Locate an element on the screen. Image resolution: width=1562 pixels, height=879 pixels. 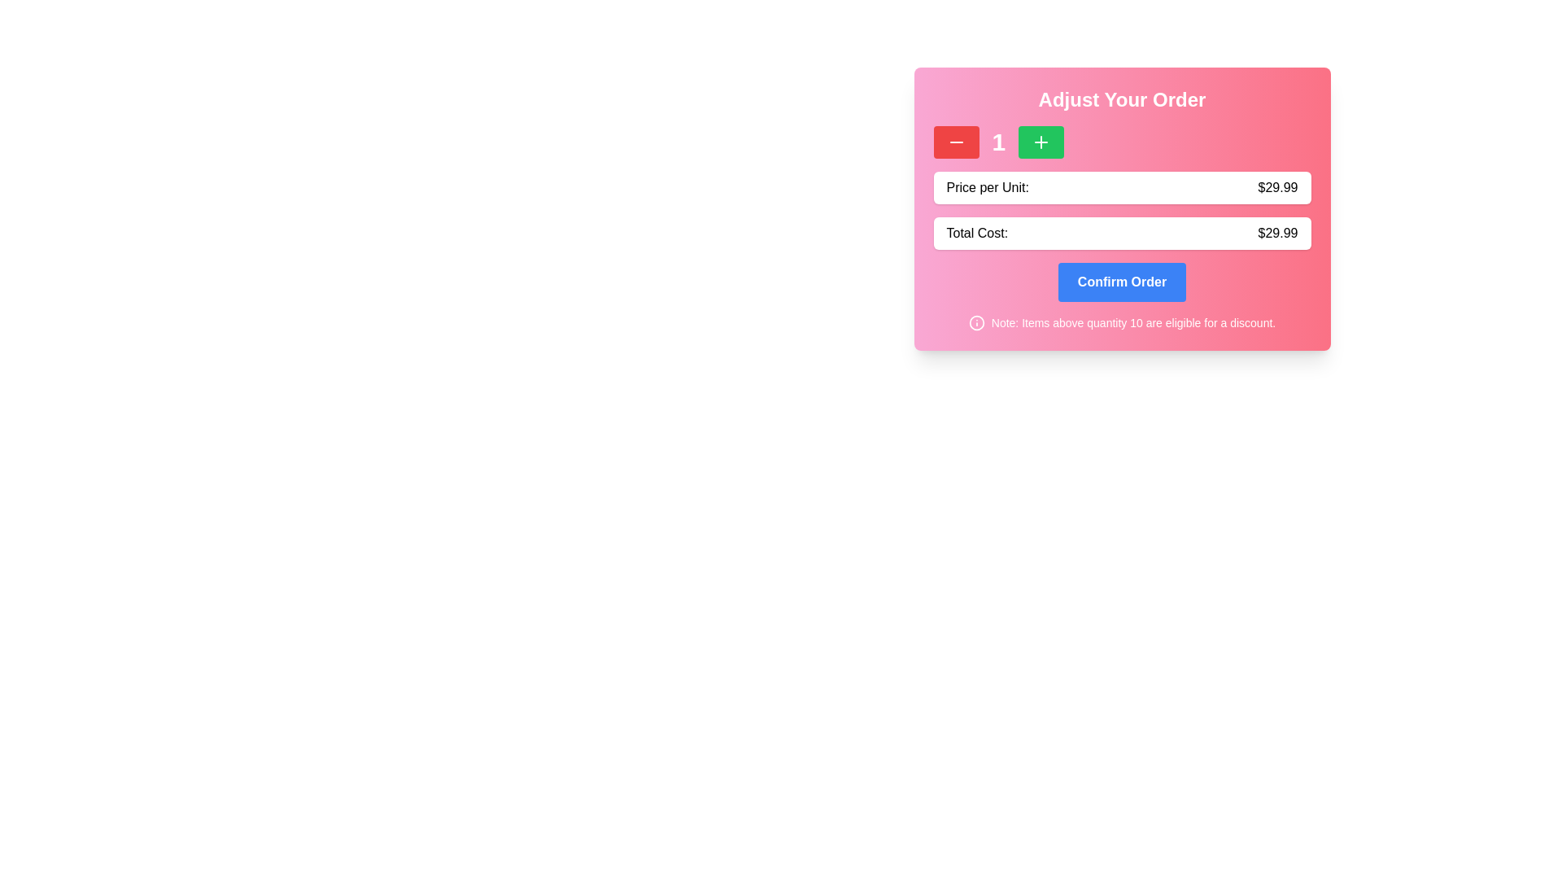
text label displaying 'Price per Unit:' which is positioned on the left side of the price value '$29.99' is located at coordinates (987, 187).